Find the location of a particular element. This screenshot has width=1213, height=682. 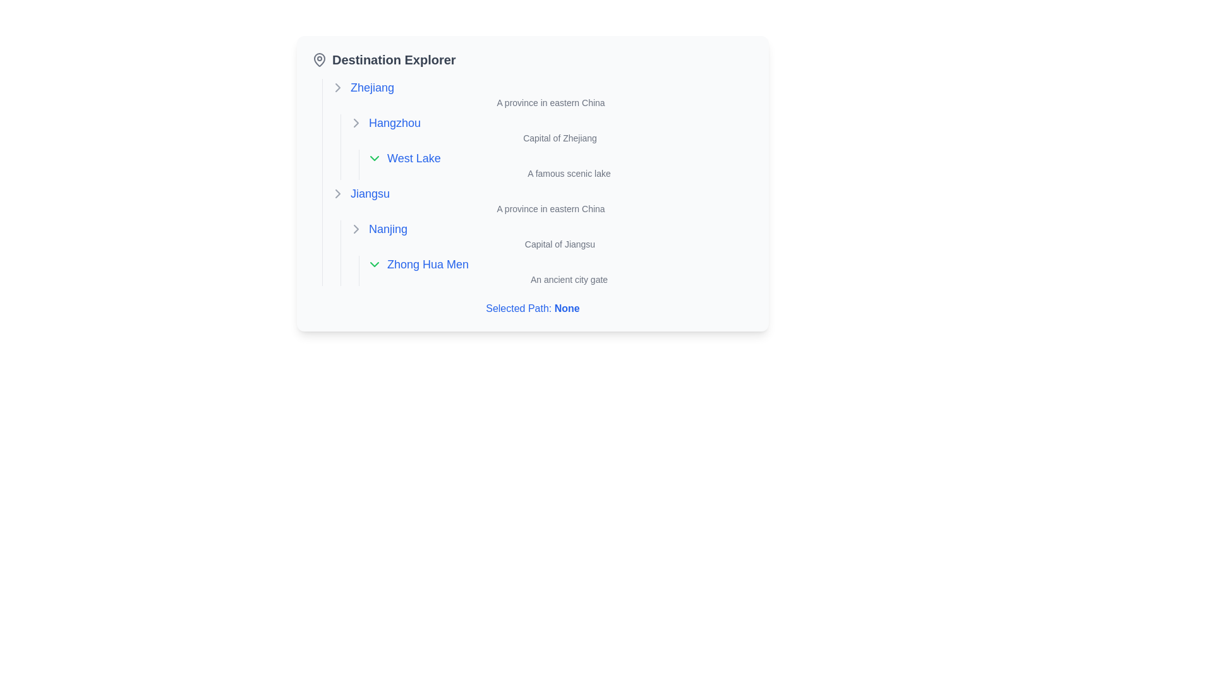

the informational text label providing details about 'Zhong Hua Men', located directly under the clickable link with the same name is located at coordinates (560, 279).